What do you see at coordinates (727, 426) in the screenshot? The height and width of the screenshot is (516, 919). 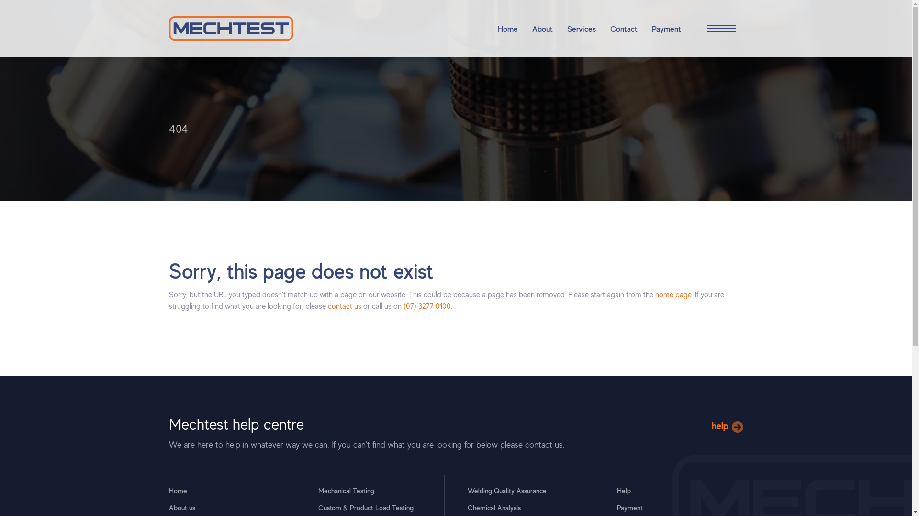 I see `'help'` at bounding box center [727, 426].